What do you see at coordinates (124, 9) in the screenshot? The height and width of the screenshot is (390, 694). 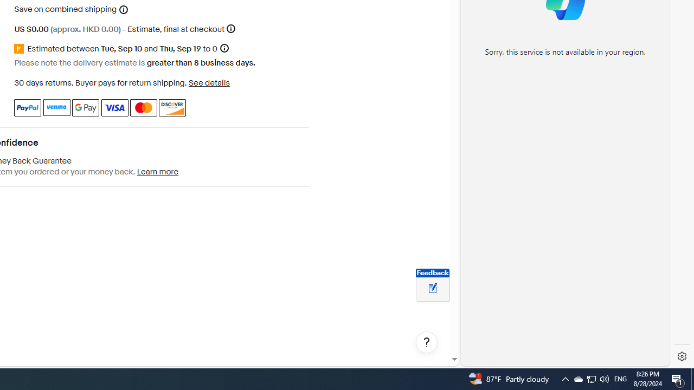 I see `'More information on Combined Shipping. Opens a layer.'` at bounding box center [124, 9].